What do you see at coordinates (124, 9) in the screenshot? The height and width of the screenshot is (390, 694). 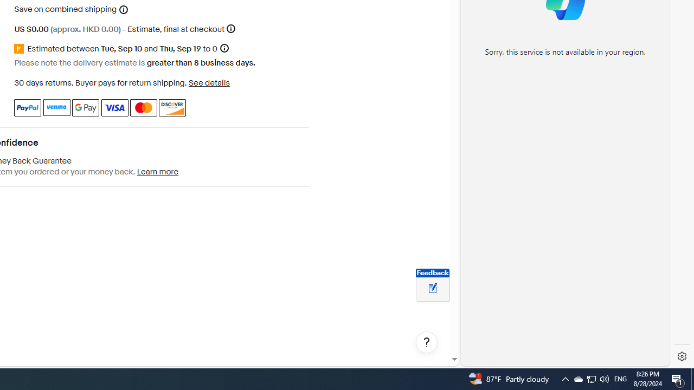 I see `'More information on Combined Shipping. Opens a layer.'` at bounding box center [124, 9].